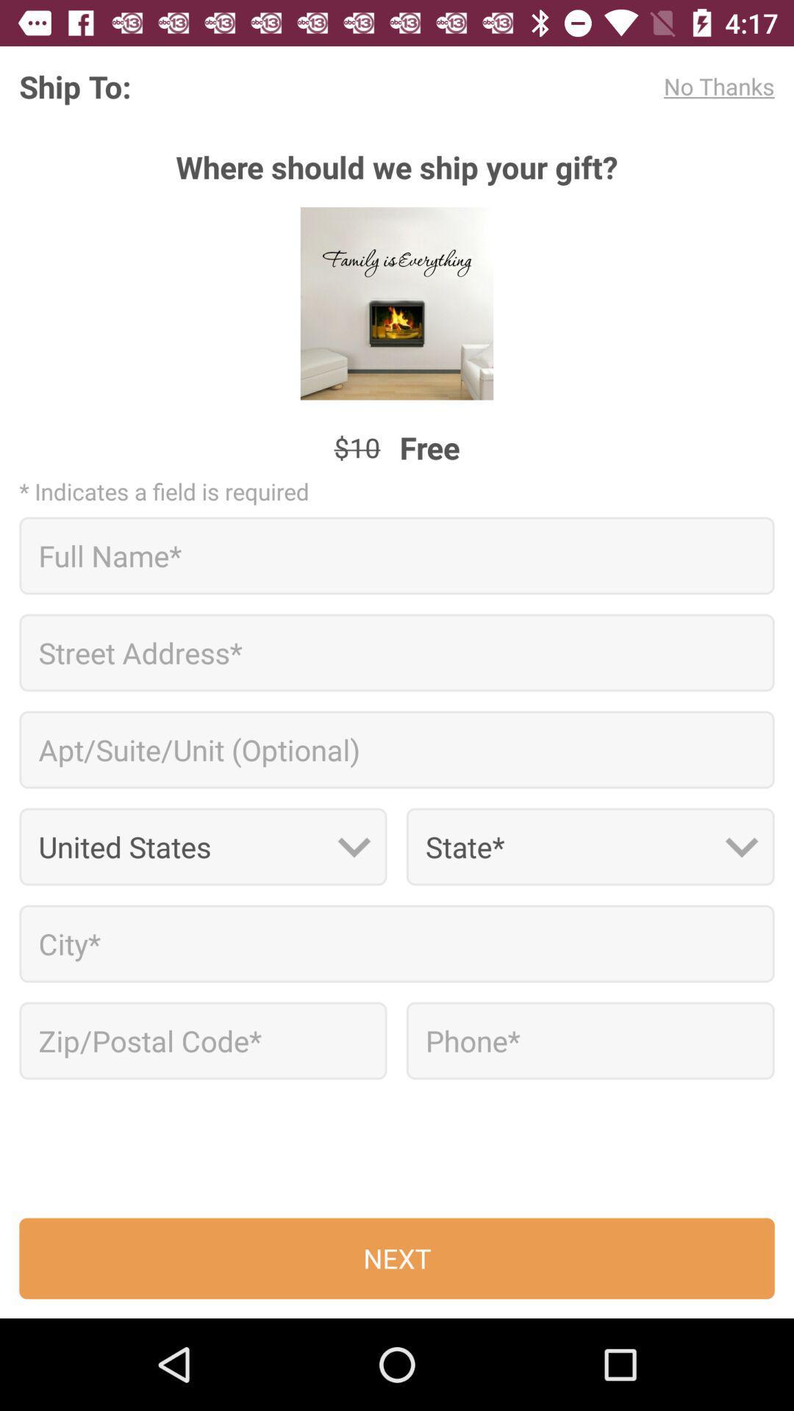 The width and height of the screenshot is (794, 1411). I want to click on the full name text field above street address text field, so click(397, 555).